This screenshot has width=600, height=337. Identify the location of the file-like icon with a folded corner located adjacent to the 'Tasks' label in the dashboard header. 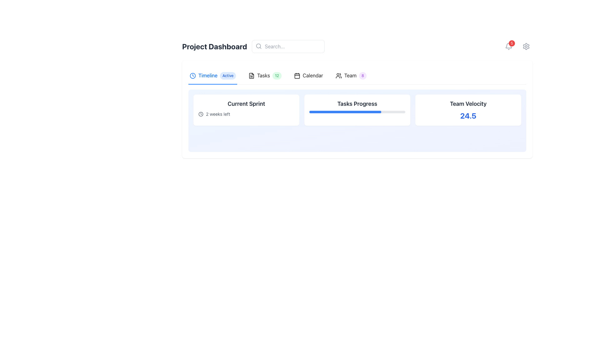
(252, 75).